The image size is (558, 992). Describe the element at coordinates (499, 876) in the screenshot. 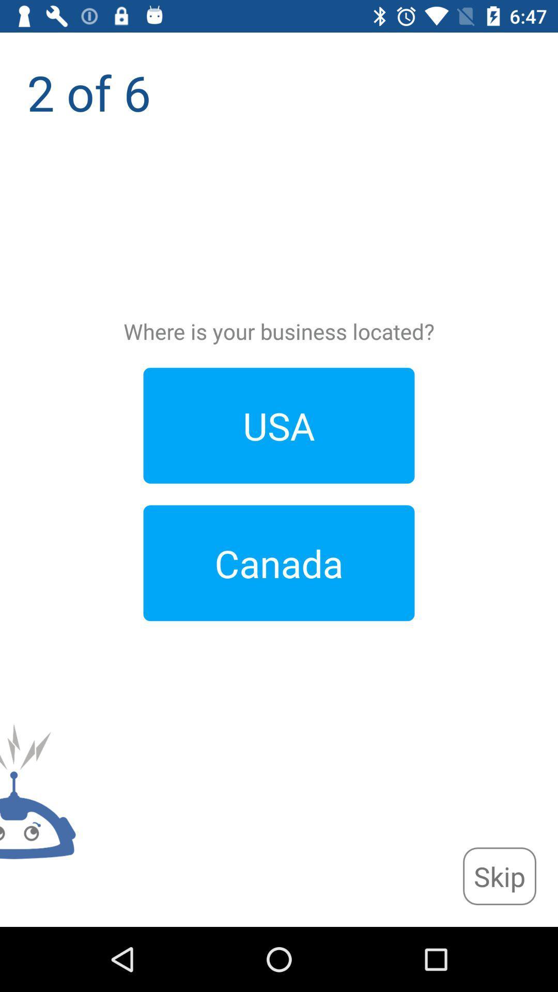

I see `the app below the 2 of 6 icon` at that location.